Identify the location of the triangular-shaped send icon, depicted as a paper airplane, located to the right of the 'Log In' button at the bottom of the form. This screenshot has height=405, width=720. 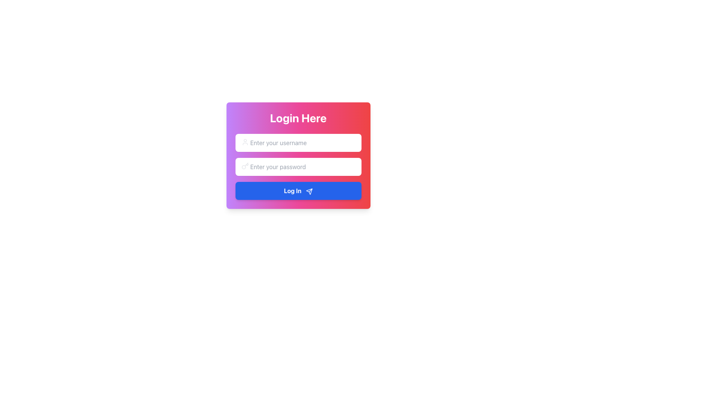
(309, 191).